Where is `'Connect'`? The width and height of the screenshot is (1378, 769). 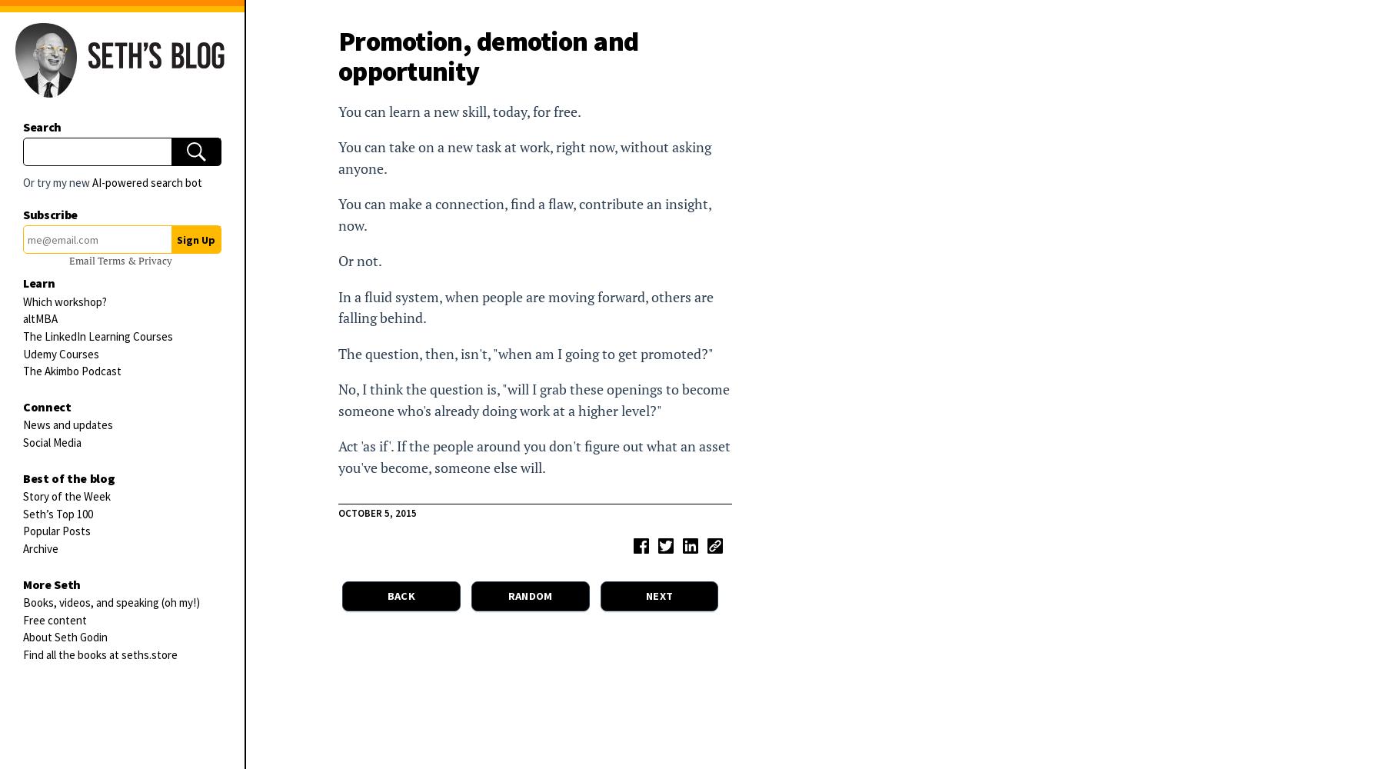 'Connect' is located at coordinates (46, 406).